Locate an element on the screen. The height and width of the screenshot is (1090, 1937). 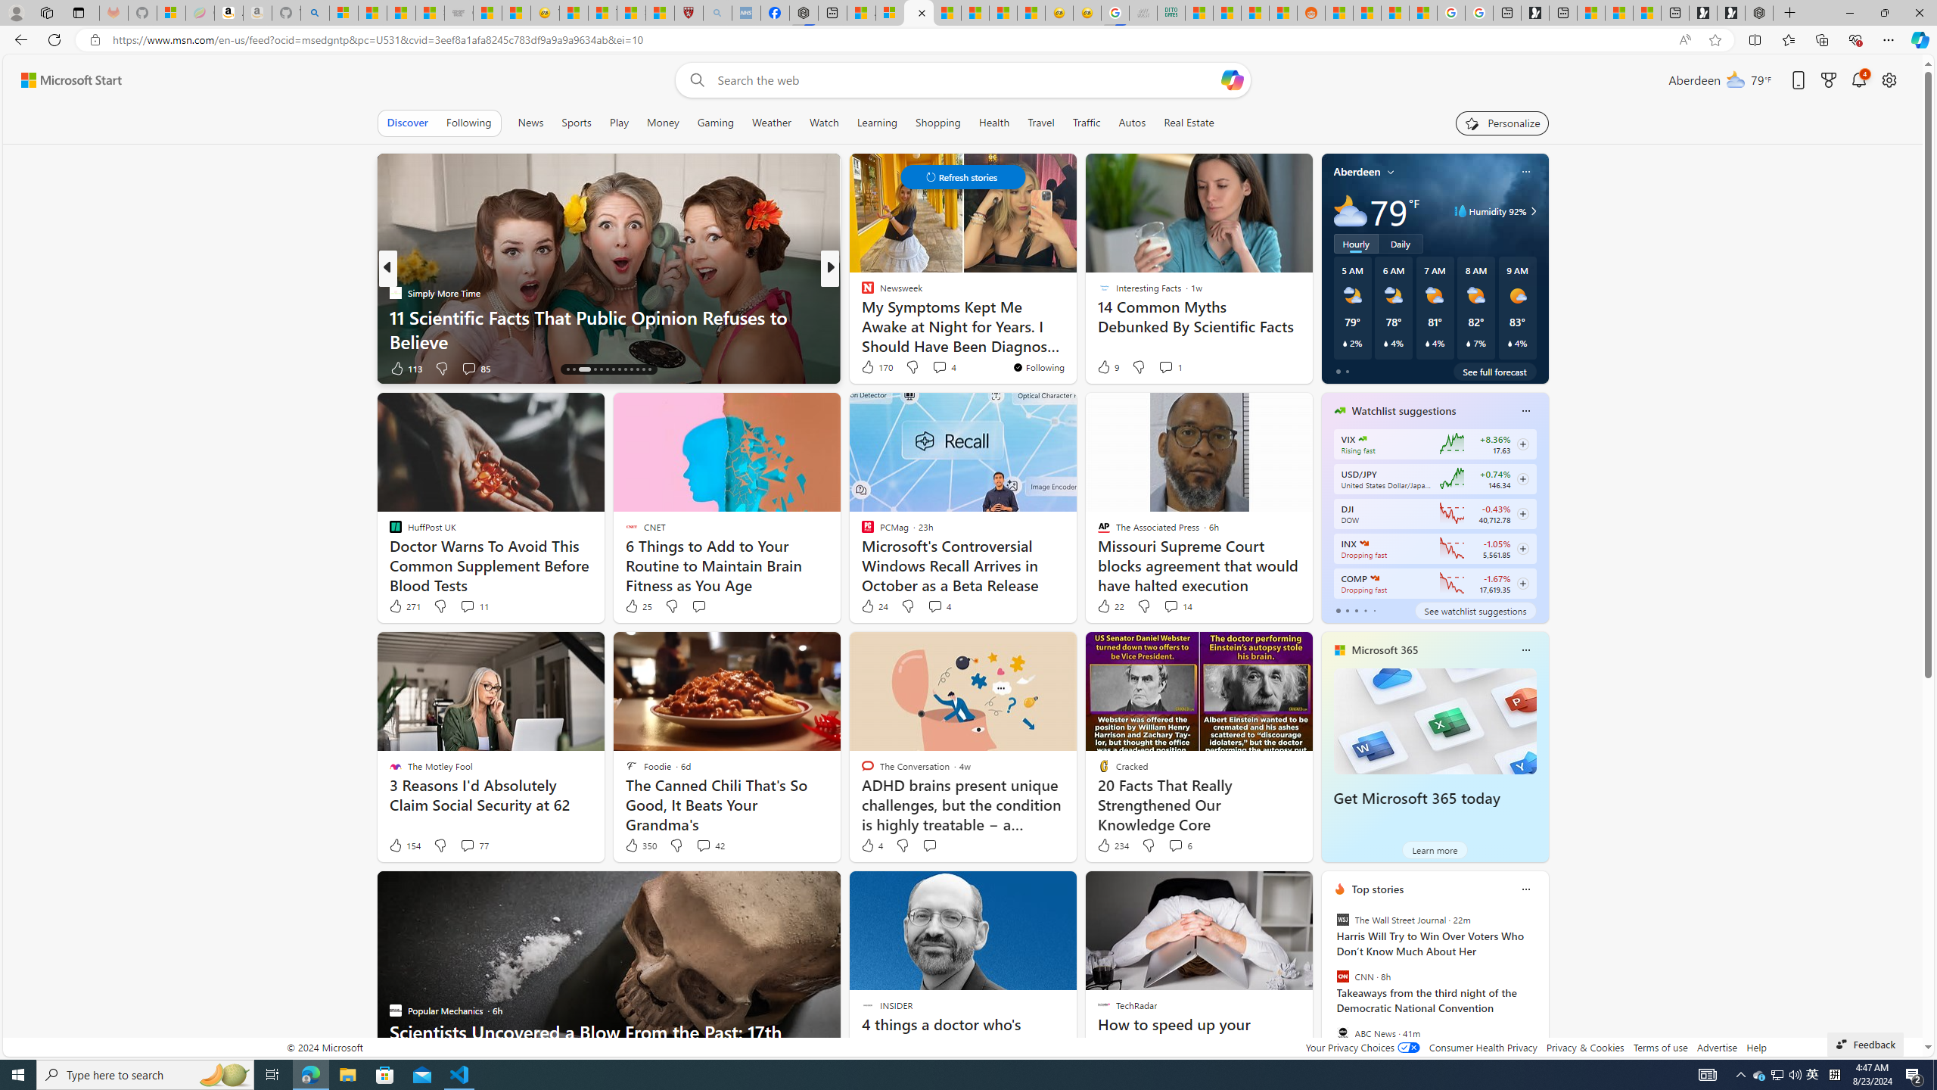
'View comments 6 Comment' is located at coordinates (1180, 844).